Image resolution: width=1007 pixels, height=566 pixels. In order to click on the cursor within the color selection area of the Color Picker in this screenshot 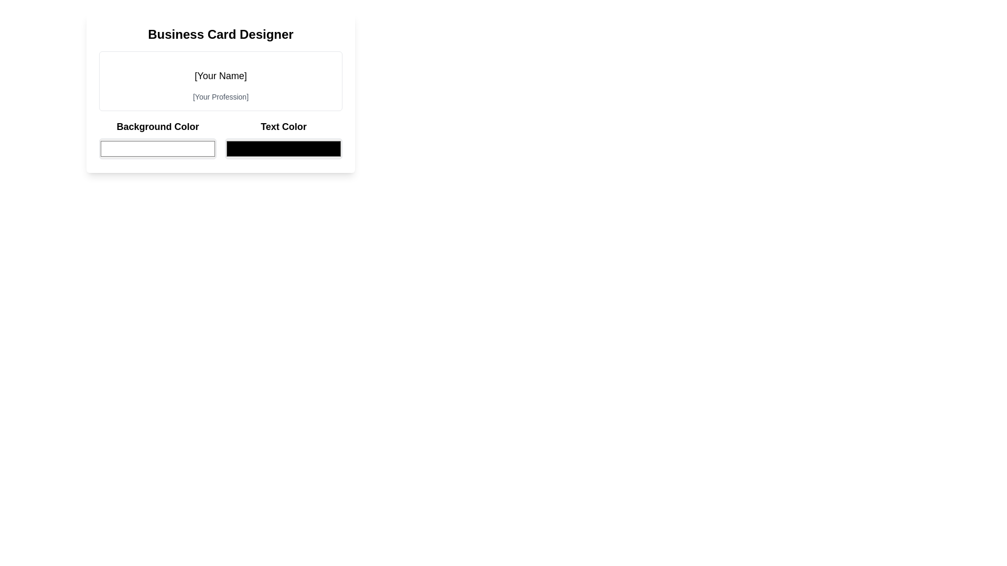, I will do `click(220, 139)`.